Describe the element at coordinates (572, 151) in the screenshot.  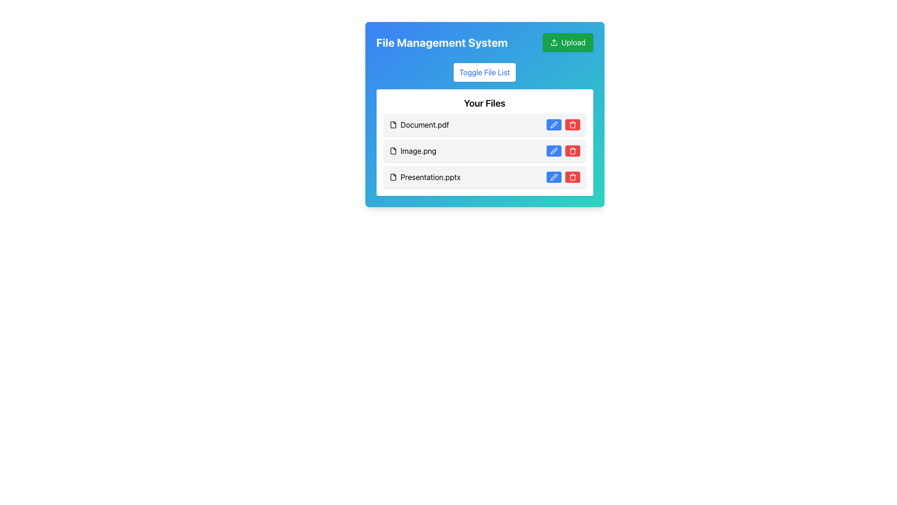
I see `the delete button located to the right of the blue edit button in the action section of the third row of the file management system` at that location.